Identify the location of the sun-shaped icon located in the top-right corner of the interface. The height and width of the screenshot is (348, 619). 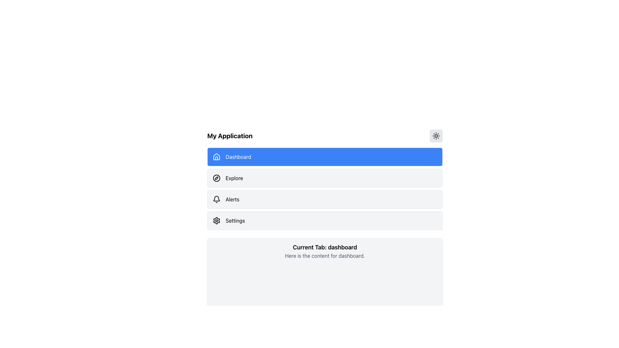
(436, 135).